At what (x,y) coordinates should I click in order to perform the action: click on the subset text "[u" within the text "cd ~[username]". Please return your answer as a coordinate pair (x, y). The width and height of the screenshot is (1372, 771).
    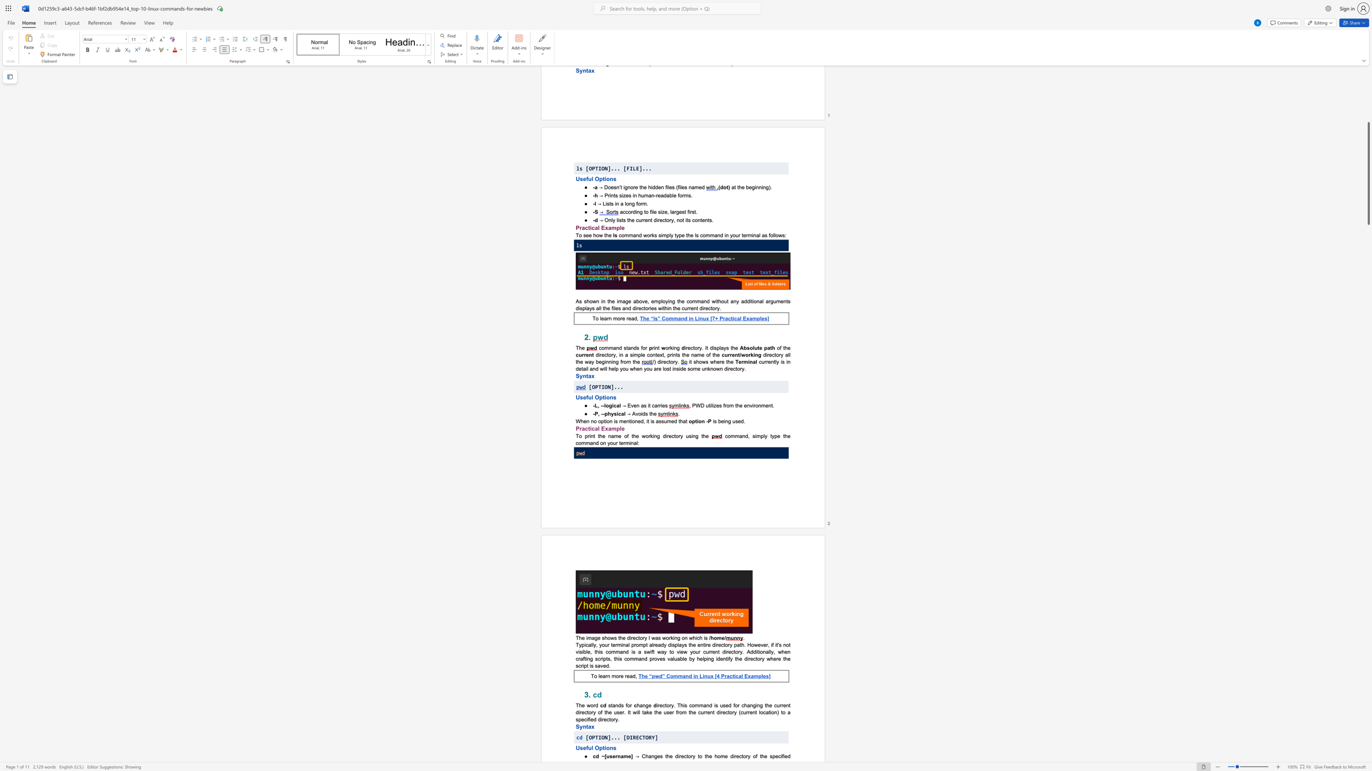
    Looking at the image, I should click on (604, 756).